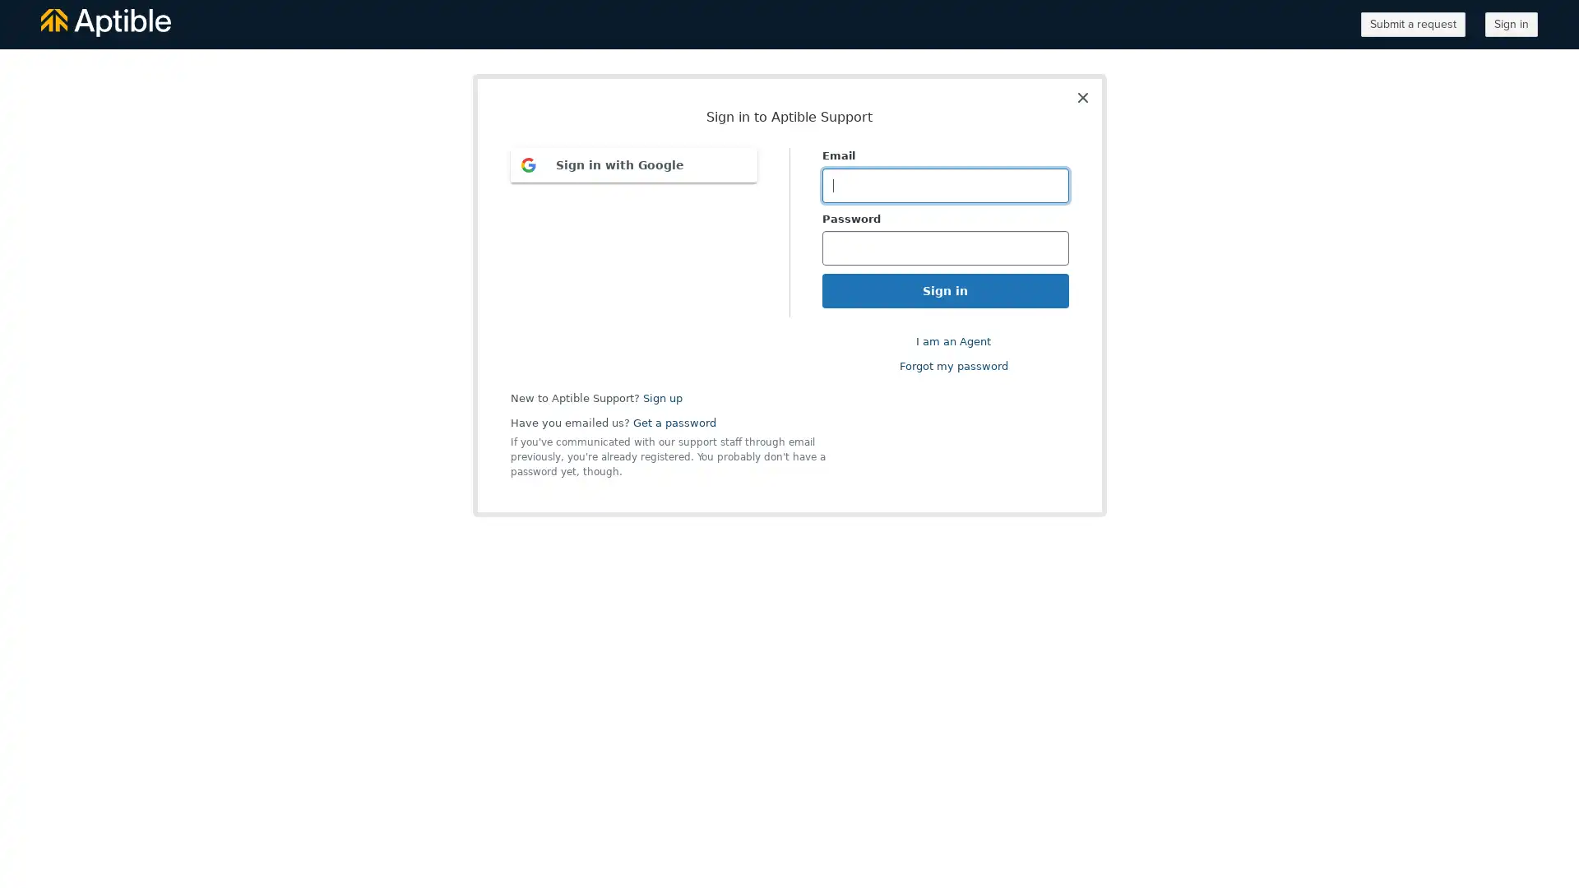 This screenshot has height=888, width=1579. I want to click on Submit a request, so click(1412, 25).